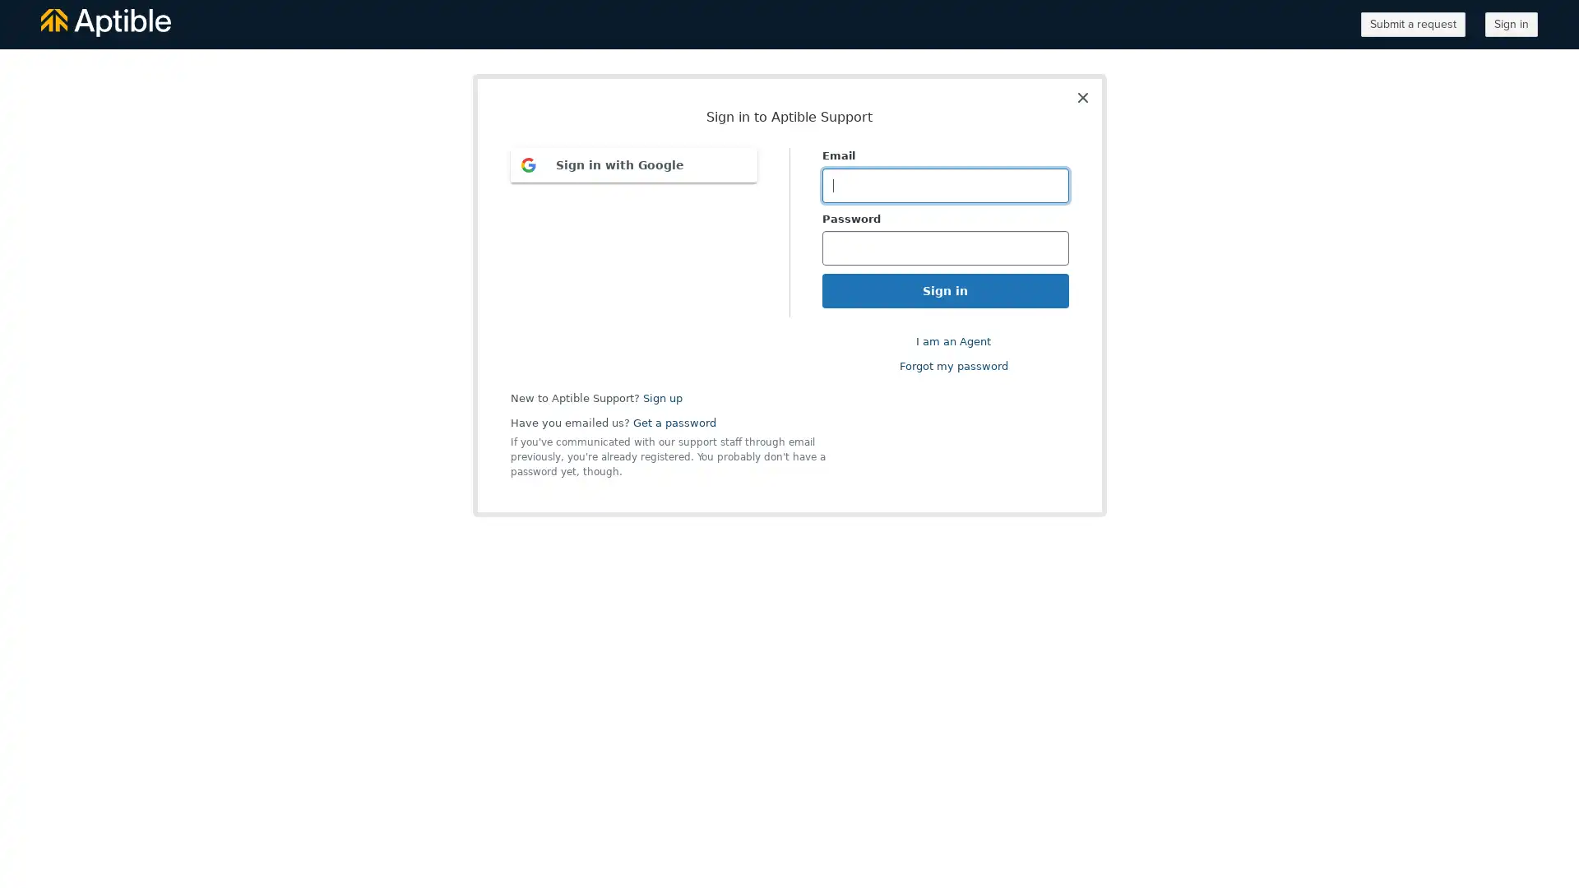 This screenshot has height=888, width=1579. I want to click on Submit a request, so click(1412, 25).